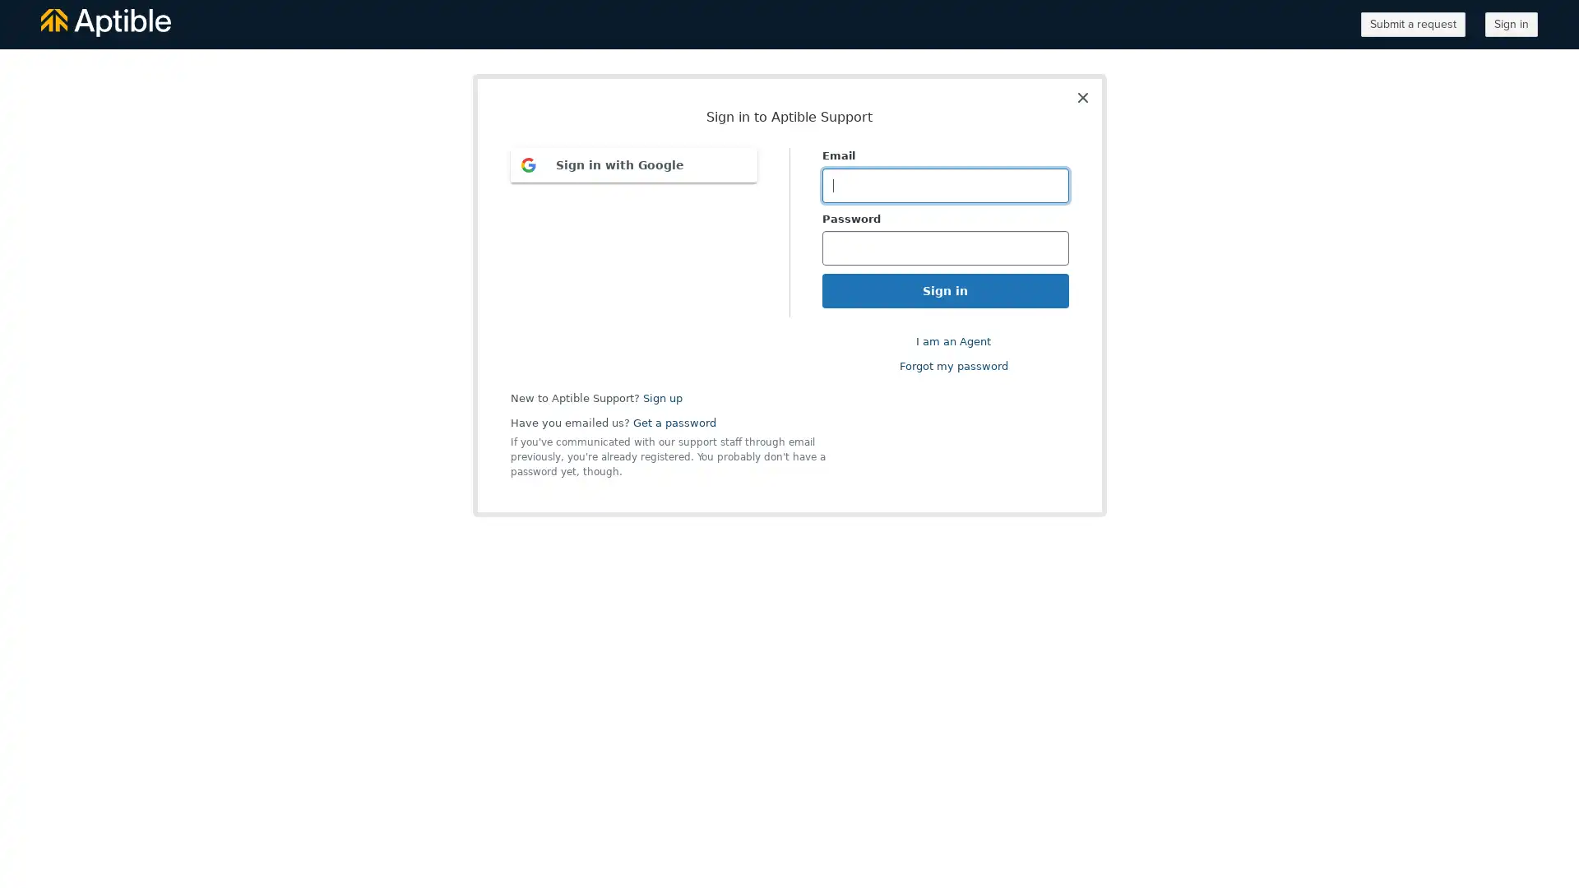 This screenshot has height=888, width=1579. I want to click on Submit a request, so click(1412, 25).